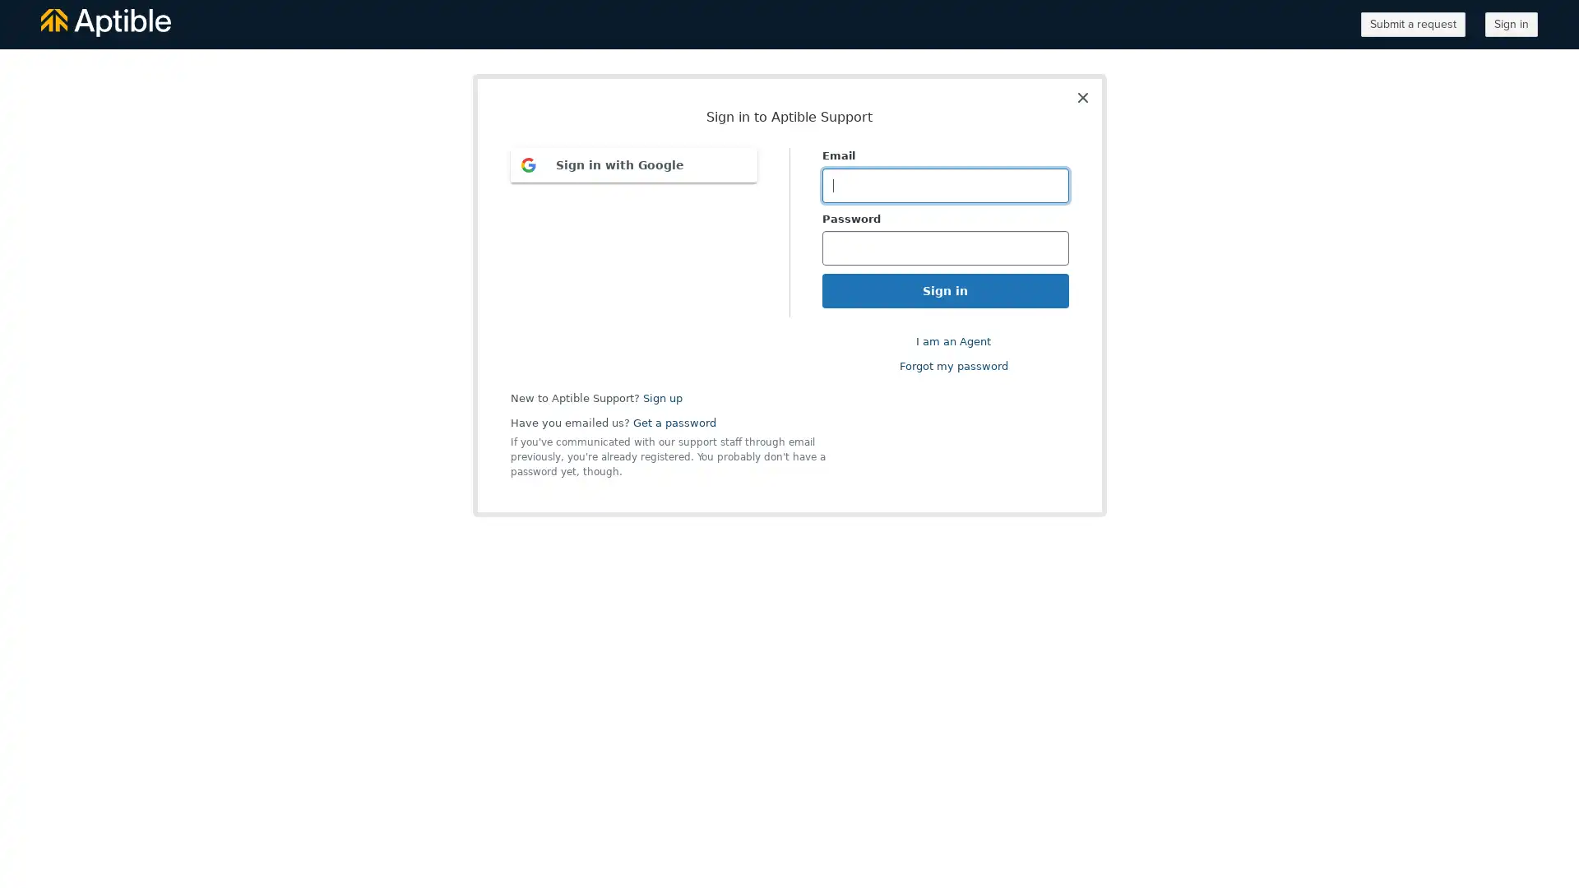 This screenshot has height=888, width=1579. I want to click on Submit a request, so click(1412, 25).